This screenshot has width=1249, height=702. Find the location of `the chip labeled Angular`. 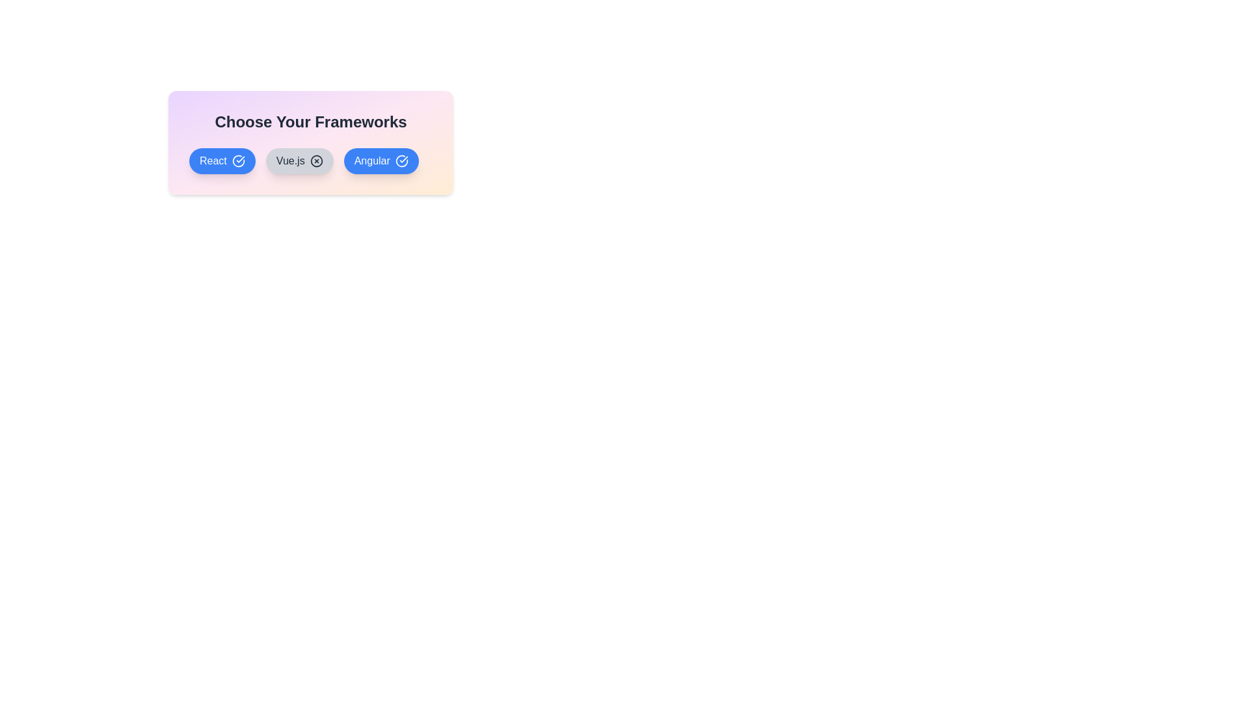

the chip labeled Angular is located at coordinates (381, 160).